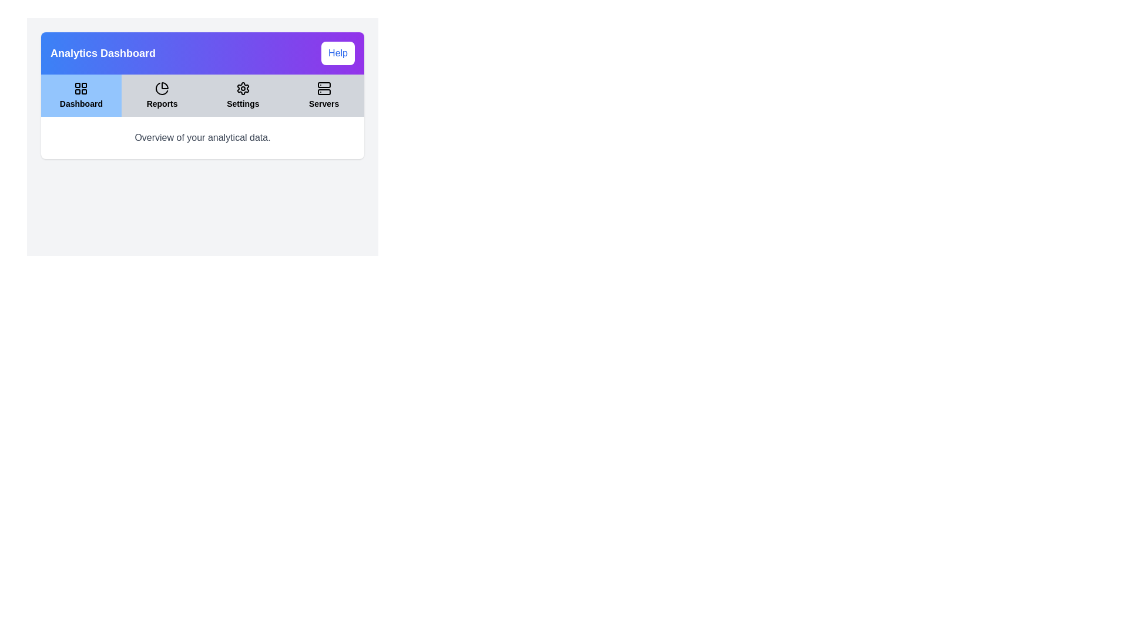 Image resolution: width=1128 pixels, height=634 pixels. Describe the element at coordinates (80, 87) in the screenshot. I see `the grid icon consisting of four equally sized square blocks with rounded corners, located in the 'Dashboard' tab of the navigation section` at that location.